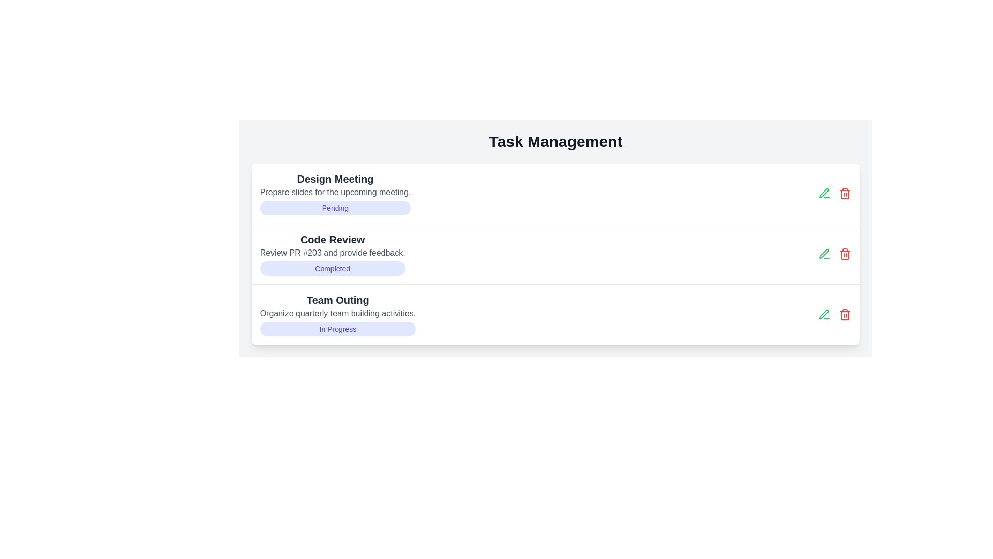  What do you see at coordinates (335, 208) in the screenshot?
I see `the 'Pending' badge element, which is a rounded rectangular badge with a light indigo background and bold indigo text, positioned below the 'Prepare slides for the upcoming meeting.' and 'Design Meeting' text` at bounding box center [335, 208].